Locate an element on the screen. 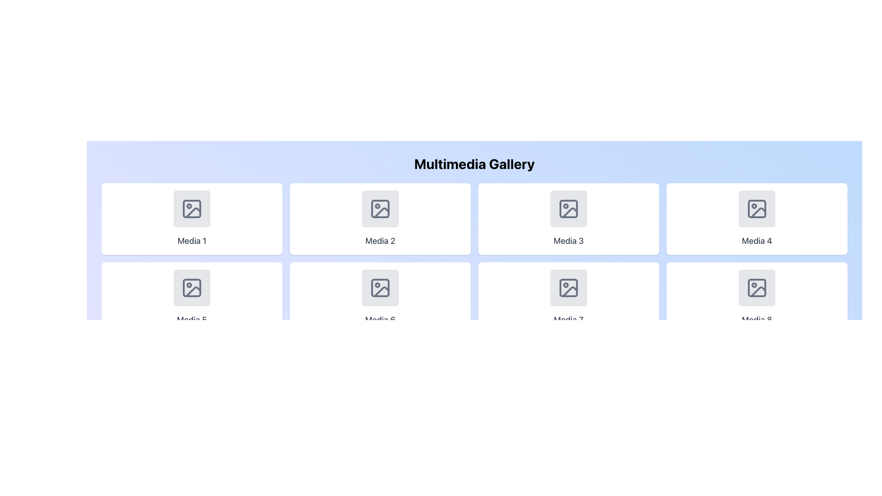  the Vector Graphic representing 'Media 2' located in the upper-center quadrant of the second image placeholder in a 2x4 grid layout is located at coordinates (380, 209).